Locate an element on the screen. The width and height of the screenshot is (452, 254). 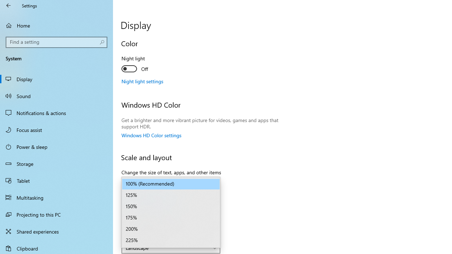
'Multitasking' is located at coordinates (56, 197).